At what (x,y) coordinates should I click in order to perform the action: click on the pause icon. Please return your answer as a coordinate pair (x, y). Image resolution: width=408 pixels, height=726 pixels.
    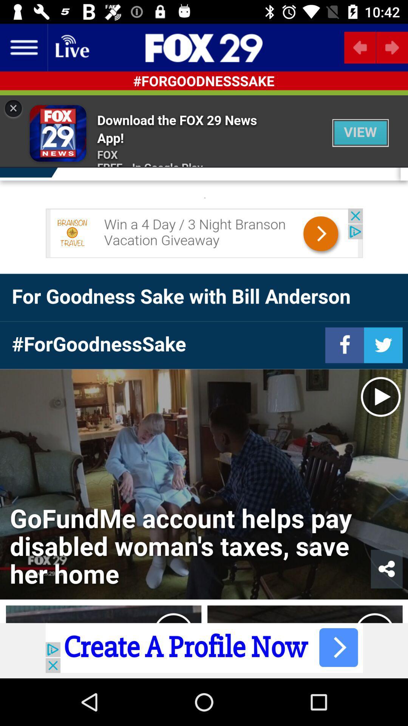
    Looking at the image, I should click on (178, 47).